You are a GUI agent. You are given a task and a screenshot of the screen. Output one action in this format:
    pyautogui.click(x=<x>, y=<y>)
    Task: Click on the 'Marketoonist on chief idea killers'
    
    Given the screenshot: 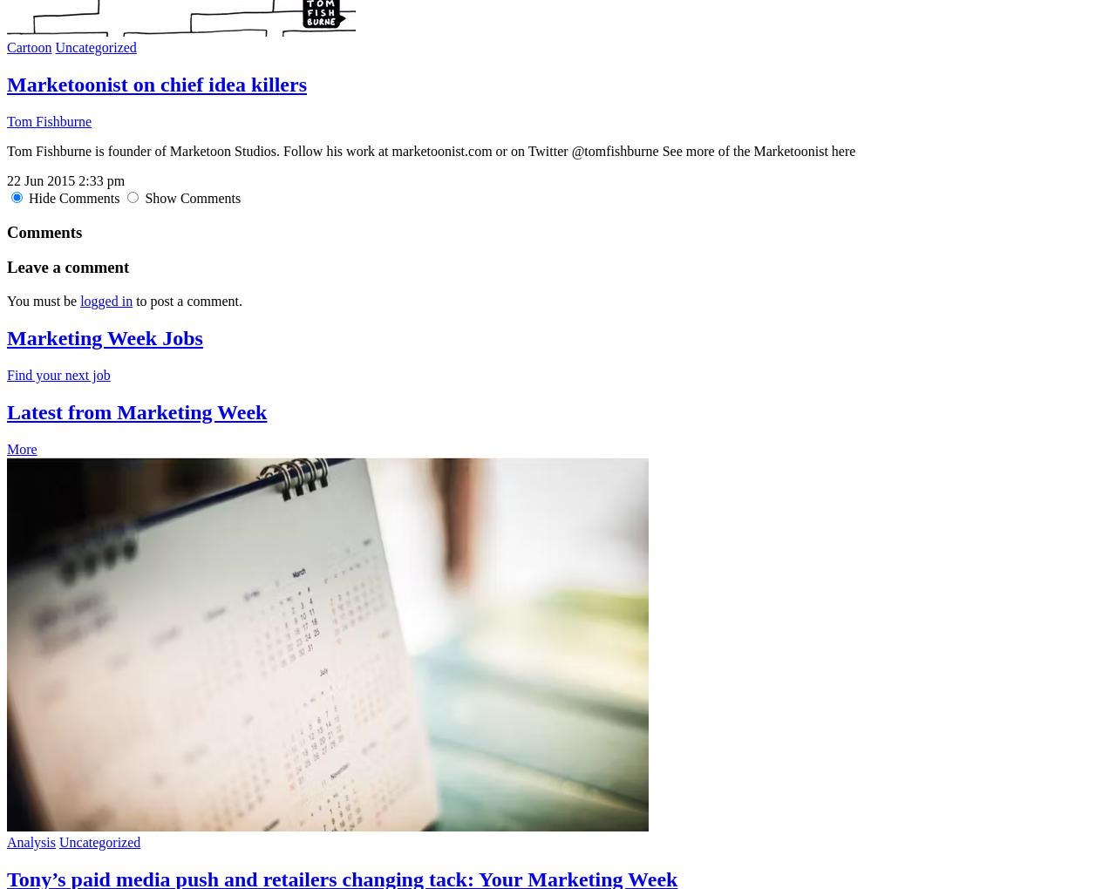 What is the action you would take?
    pyautogui.click(x=7, y=82)
    